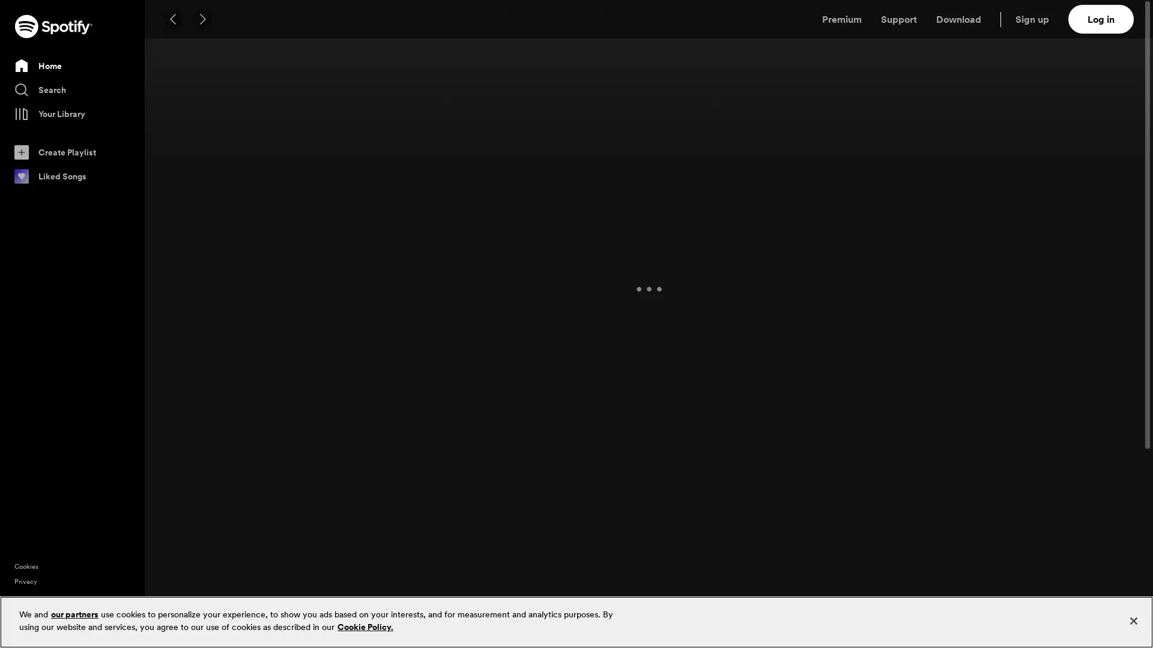 The width and height of the screenshot is (1153, 648). I want to click on Support, so click(899, 19).